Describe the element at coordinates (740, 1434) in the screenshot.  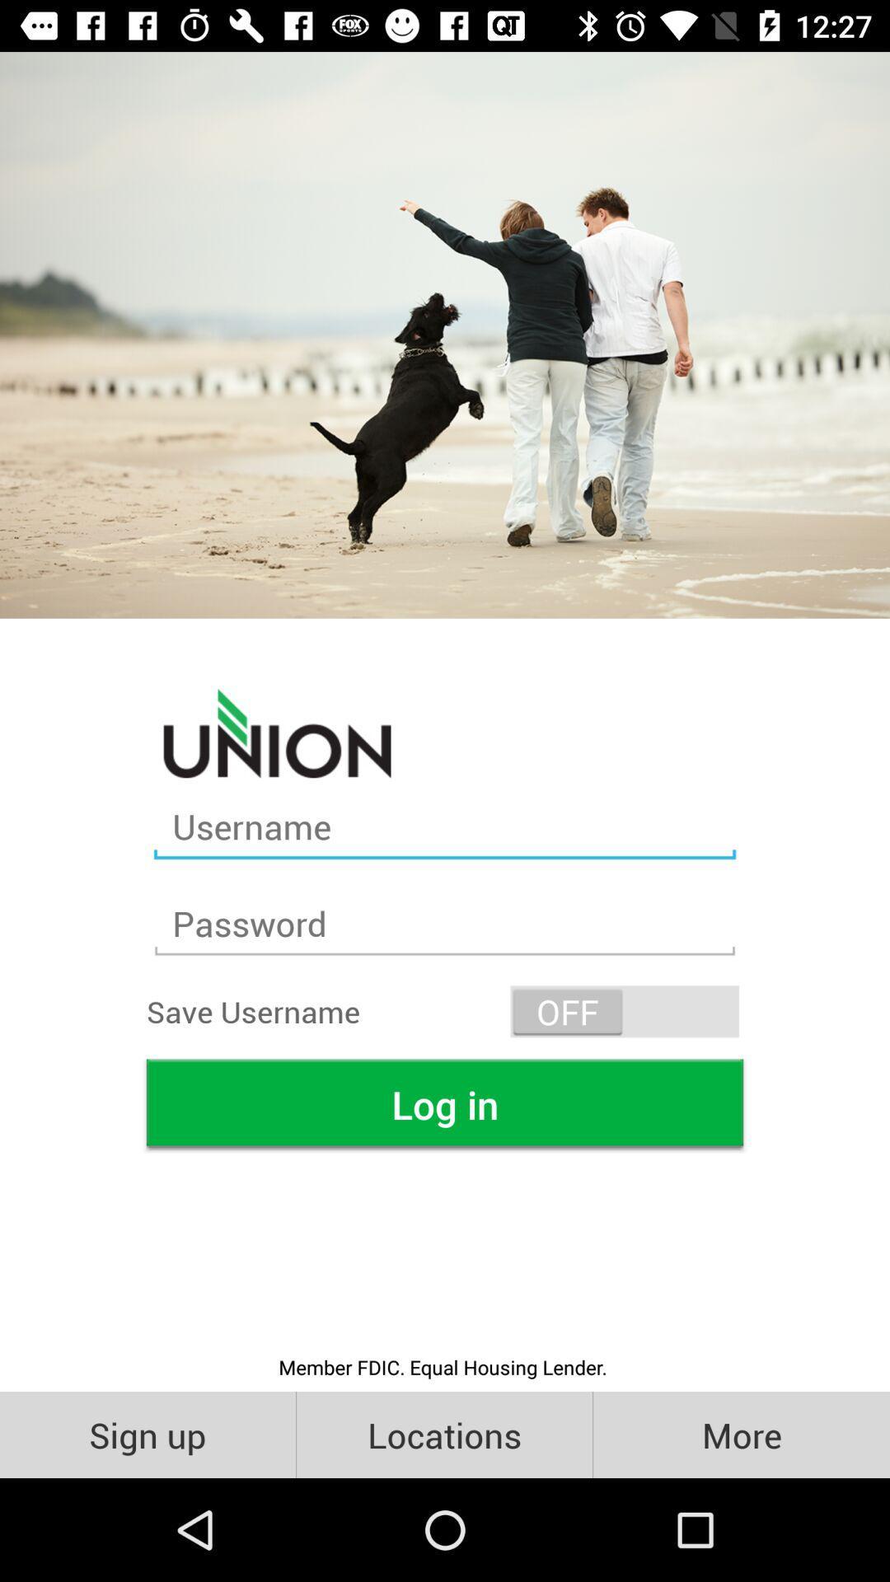
I see `the item at the bottom right corner` at that location.